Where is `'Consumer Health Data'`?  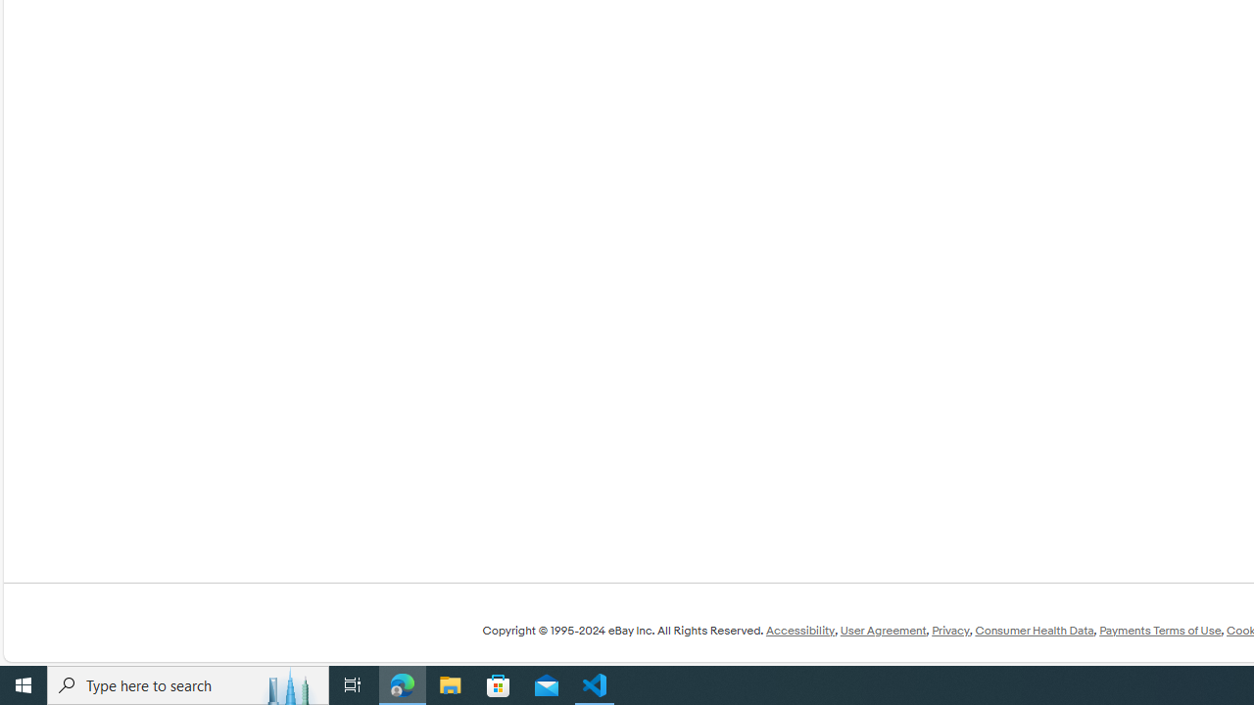 'Consumer Health Data' is located at coordinates (1034, 631).